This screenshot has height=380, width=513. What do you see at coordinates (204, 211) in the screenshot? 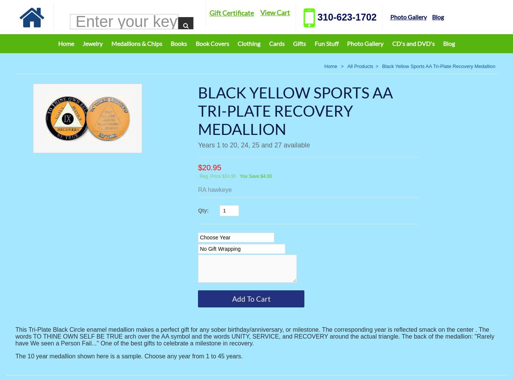
I see `'Qty:'` at bounding box center [204, 211].